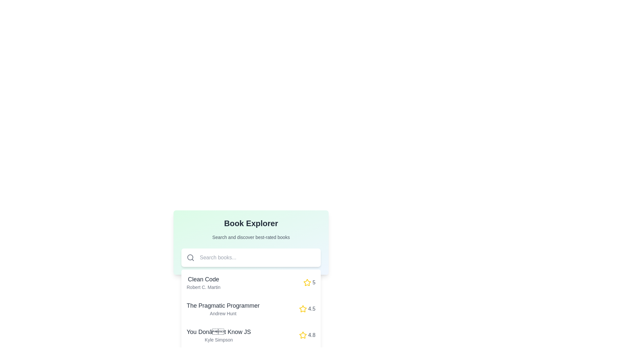 This screenshot has width=631, height=355. Describe the element at coordinates (203, 279) in the screenshot. I see `the interactive label displaying the text 'Clean Code', which is prominently positioned above 'Robert C. Martin' in the 'Book Explorer' section` at that location.